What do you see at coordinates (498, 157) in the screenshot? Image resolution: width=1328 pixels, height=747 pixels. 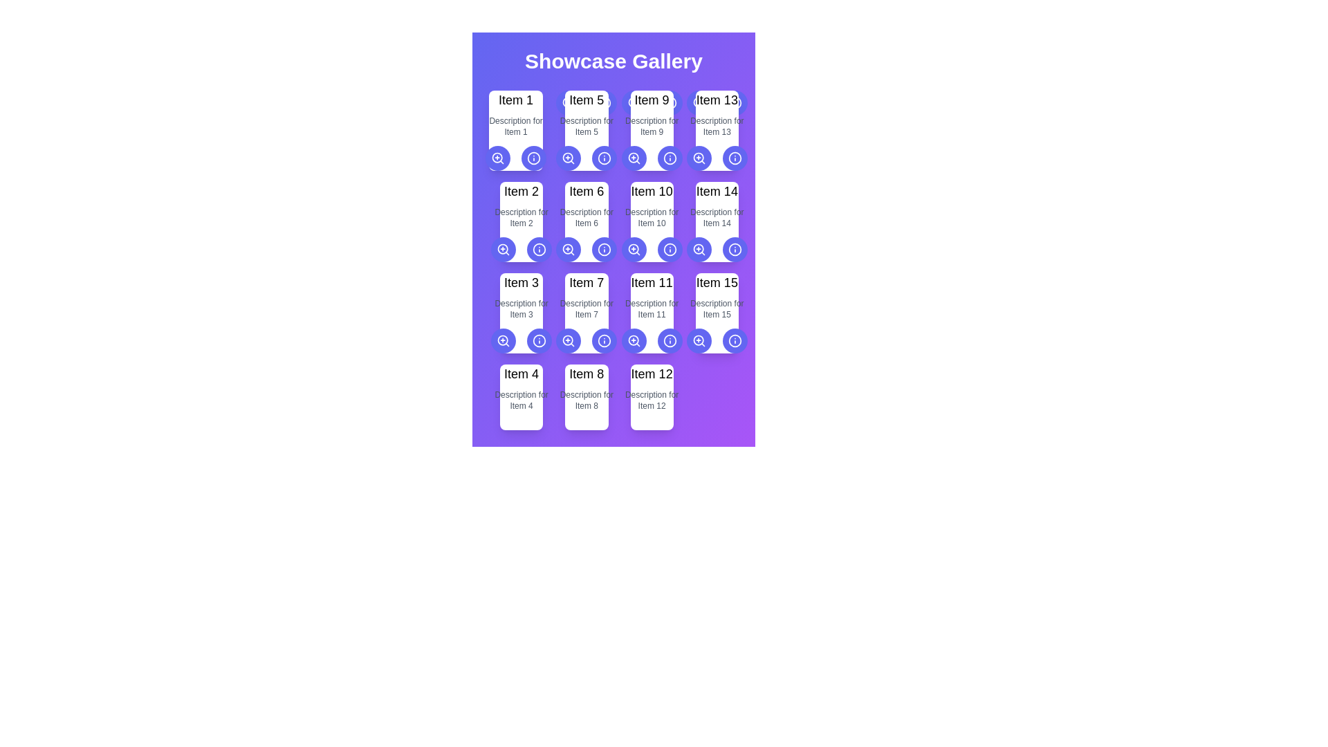 I see `the circular button with a magnifying glass icon, styled in white against a purple background, located below 'Item 1' in a grid layout for accessibility` at bounding box center [498, 157].